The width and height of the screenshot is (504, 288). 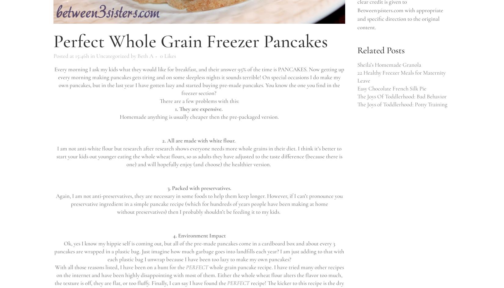 I want to click on 'Likes', so click(x=170, y=56).